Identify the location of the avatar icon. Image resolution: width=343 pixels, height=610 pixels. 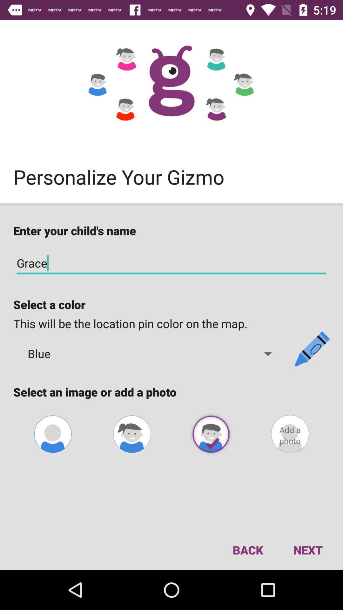
(211, 434).